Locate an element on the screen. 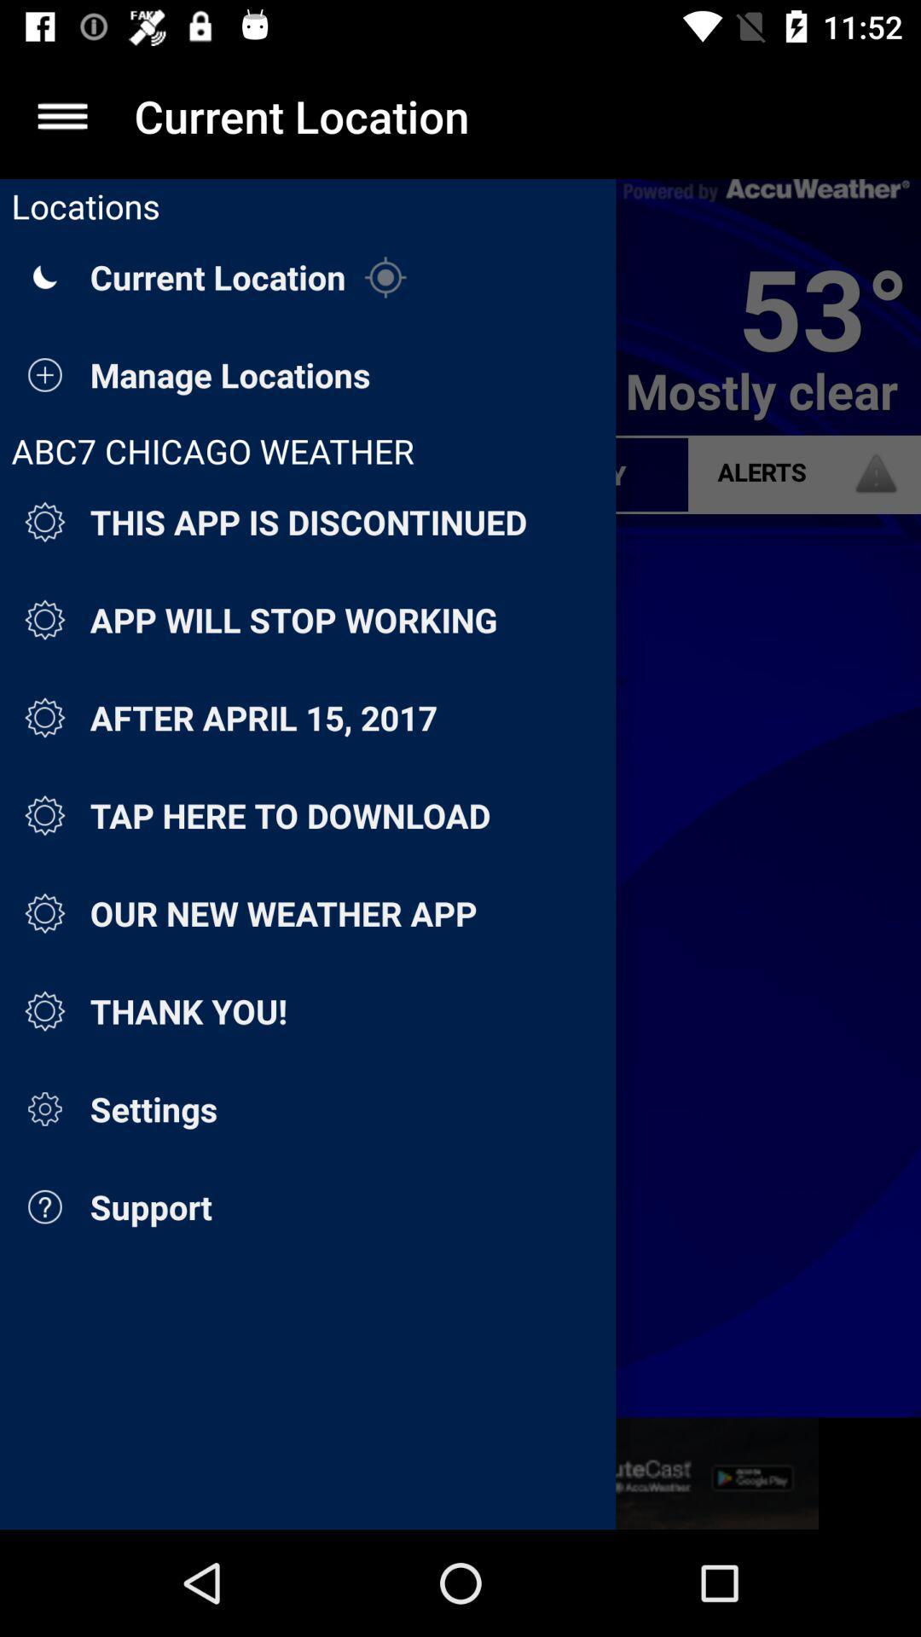  a text powered by accuweather on a page is located at coordinates (765, 191).